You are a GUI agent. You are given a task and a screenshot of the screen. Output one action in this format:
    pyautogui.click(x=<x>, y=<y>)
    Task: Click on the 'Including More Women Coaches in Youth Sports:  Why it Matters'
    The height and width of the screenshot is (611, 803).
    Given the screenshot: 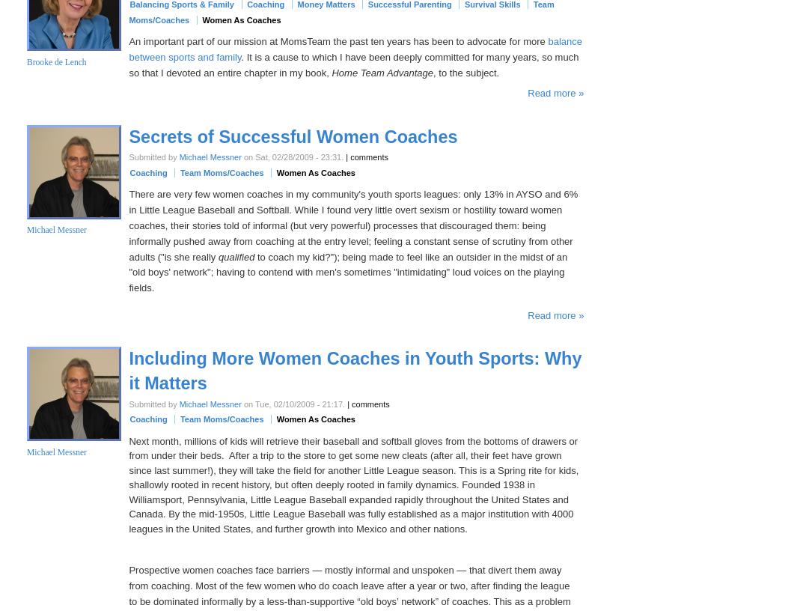 What is the action you would take?
    pyautogui.click(x=355, y=369)
    